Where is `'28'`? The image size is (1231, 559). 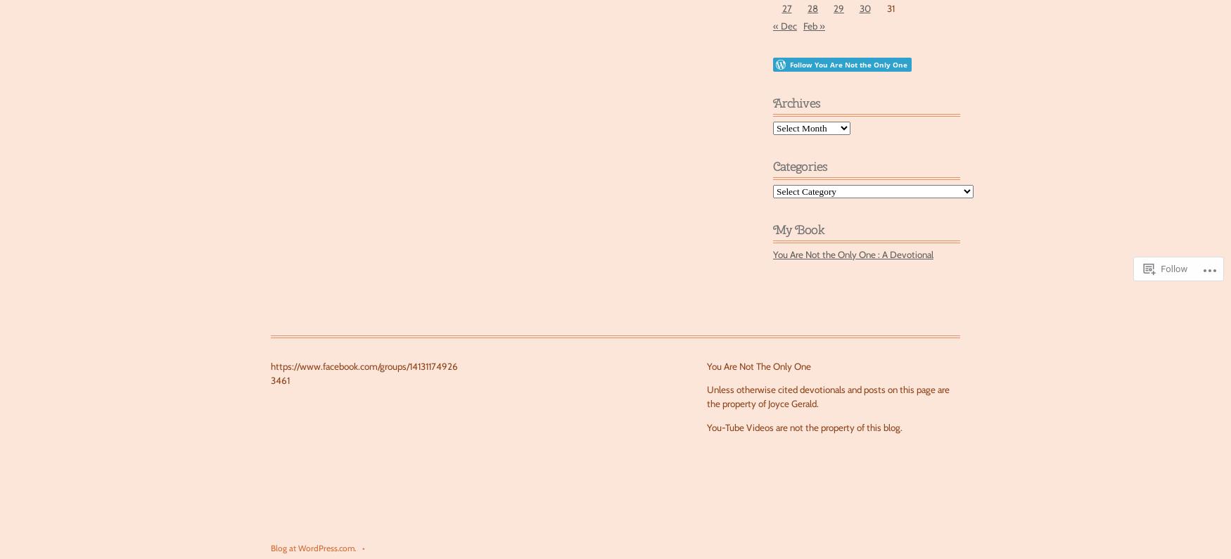 '28' is located at coordinates (812, 8).